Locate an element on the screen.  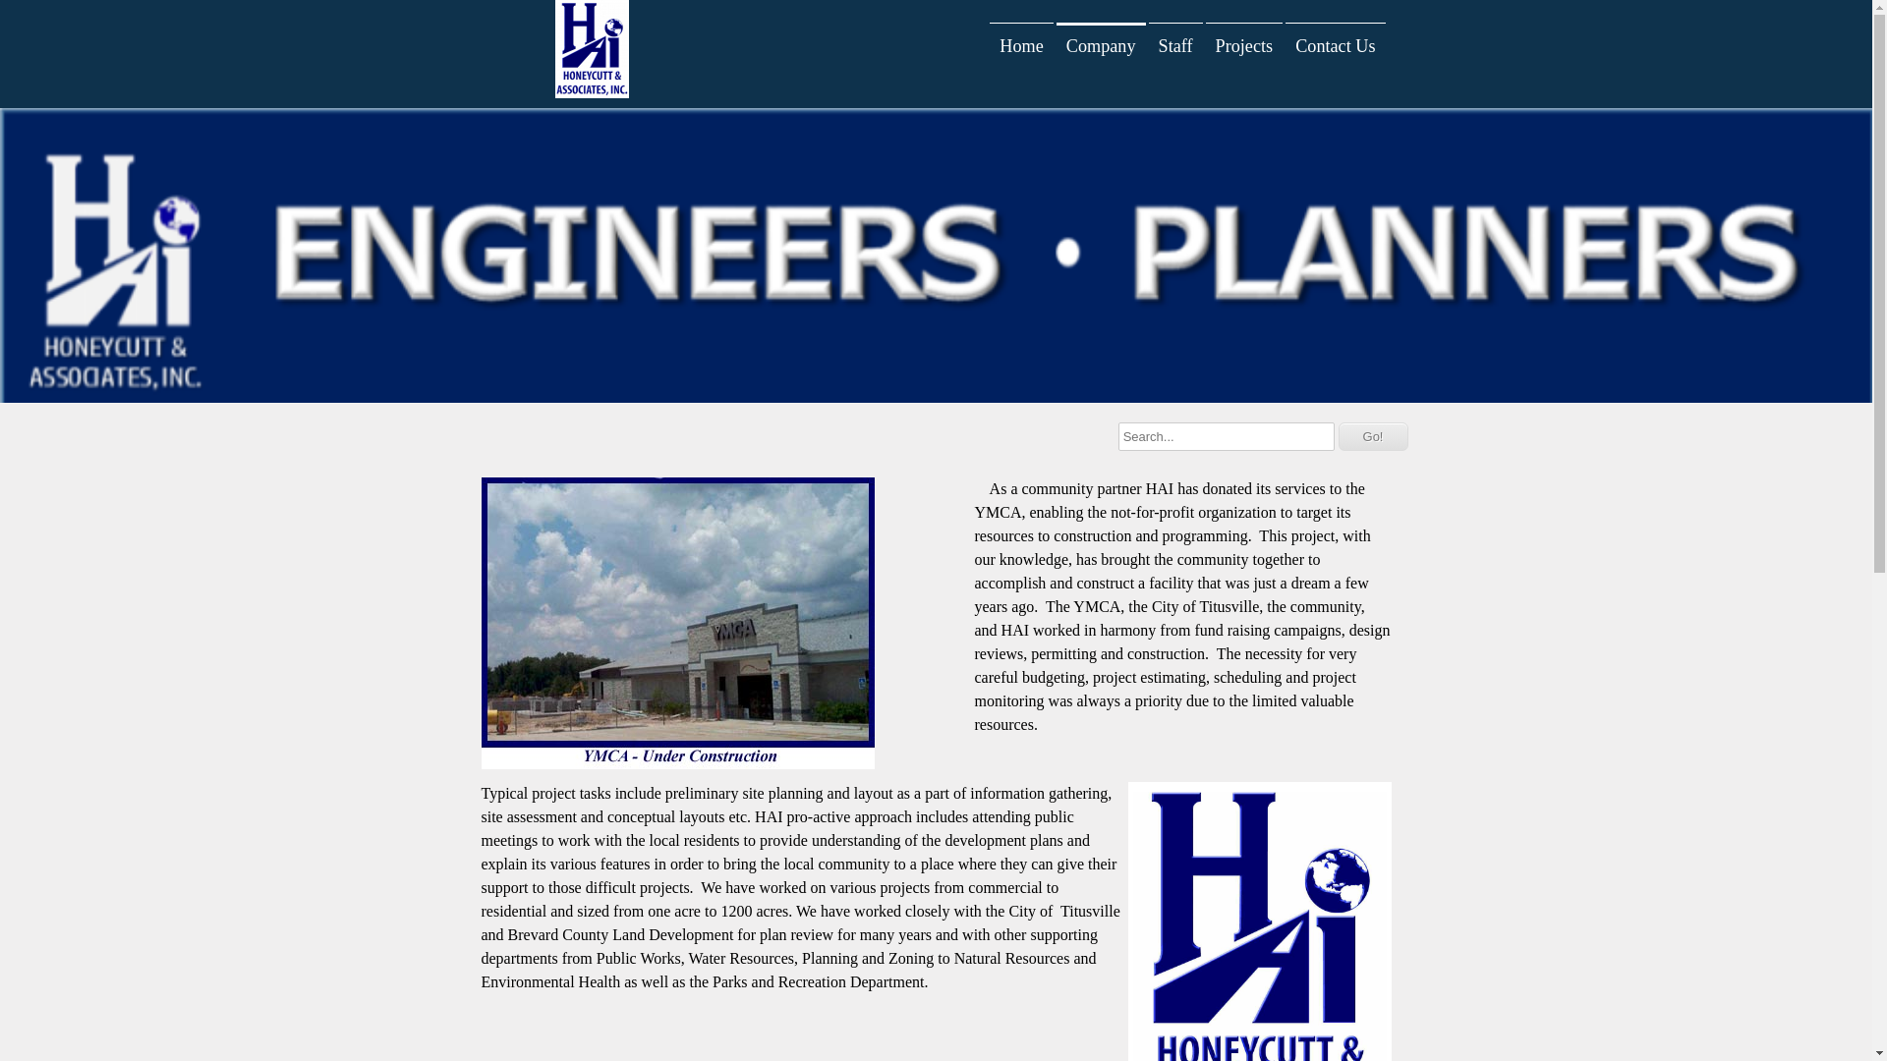
'Projects' is located at coordinates (1243, 44).